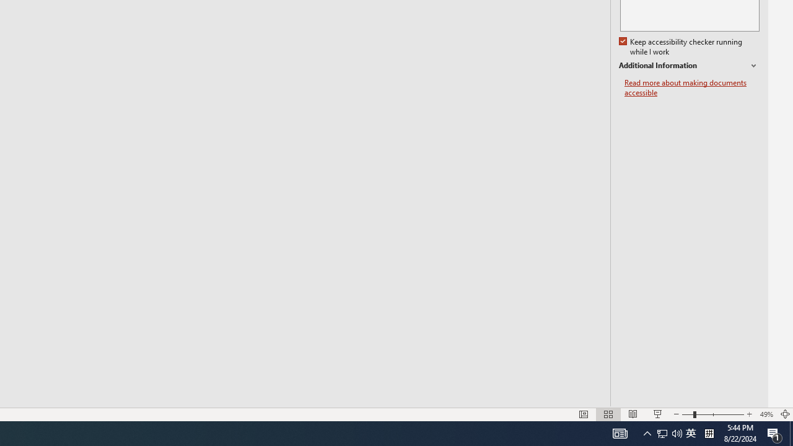 The width and height of the screenshot is (793, 446). Describe the element at coordinates (657, 414) in the screenshot. I see `'Slide Show'` at that location.